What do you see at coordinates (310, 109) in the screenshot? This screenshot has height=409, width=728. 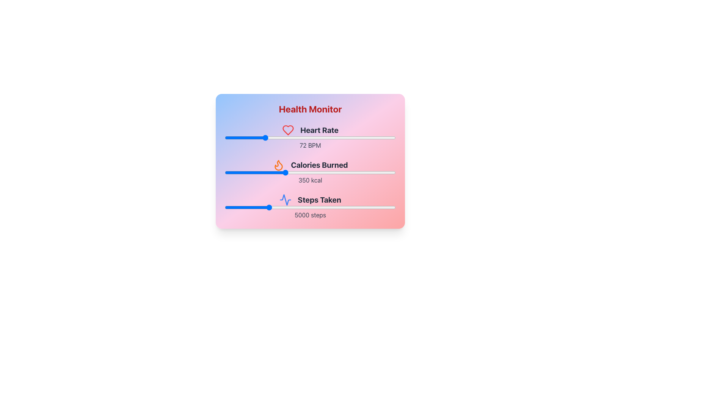 I see `the text label at the top of the health-monitoring card that indicates the card's purpose` at bounding box center [310, 109].